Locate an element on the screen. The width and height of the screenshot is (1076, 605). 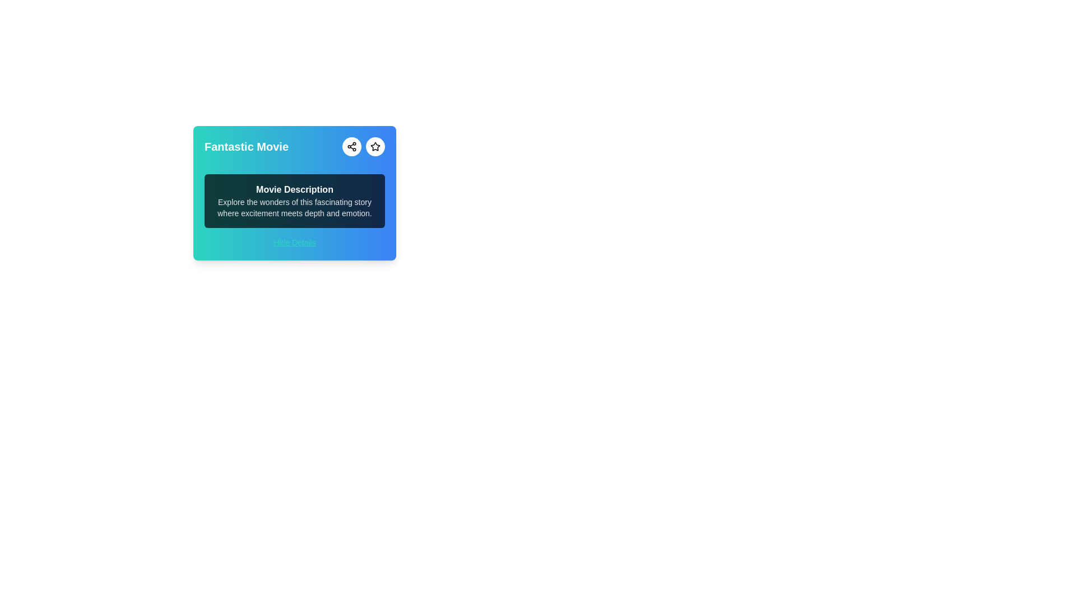
the star icon located in the top-right corner of the card layout to interact with it is located at coordinates (375, 146).